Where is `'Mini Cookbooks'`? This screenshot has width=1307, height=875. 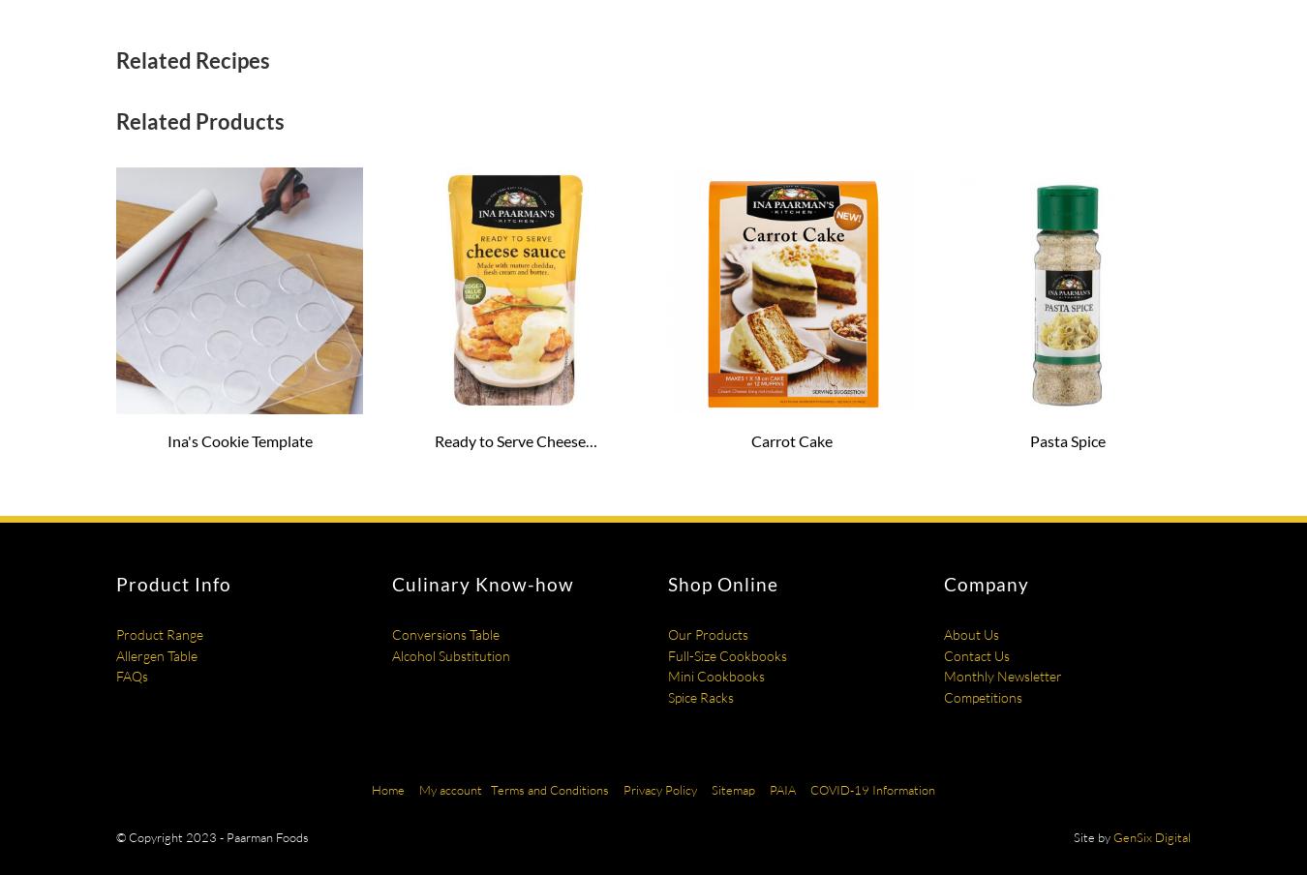
'Mini Cookbooks' is located at coordinates (714, 675).